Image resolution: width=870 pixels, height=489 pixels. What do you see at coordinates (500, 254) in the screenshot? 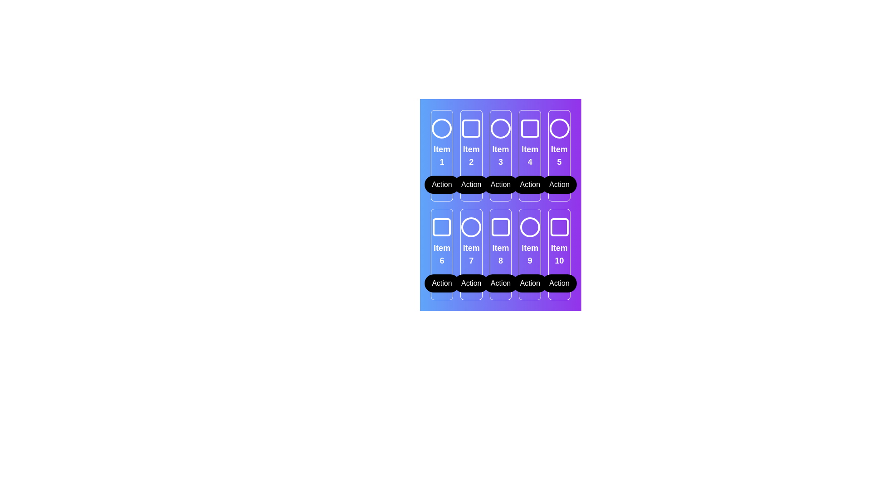
I see `the Text Label displaying 'Item 8', which is styled in bold and larger font, positioned above the 'Action' button in a grid layout` at bounding box center [500, 254].